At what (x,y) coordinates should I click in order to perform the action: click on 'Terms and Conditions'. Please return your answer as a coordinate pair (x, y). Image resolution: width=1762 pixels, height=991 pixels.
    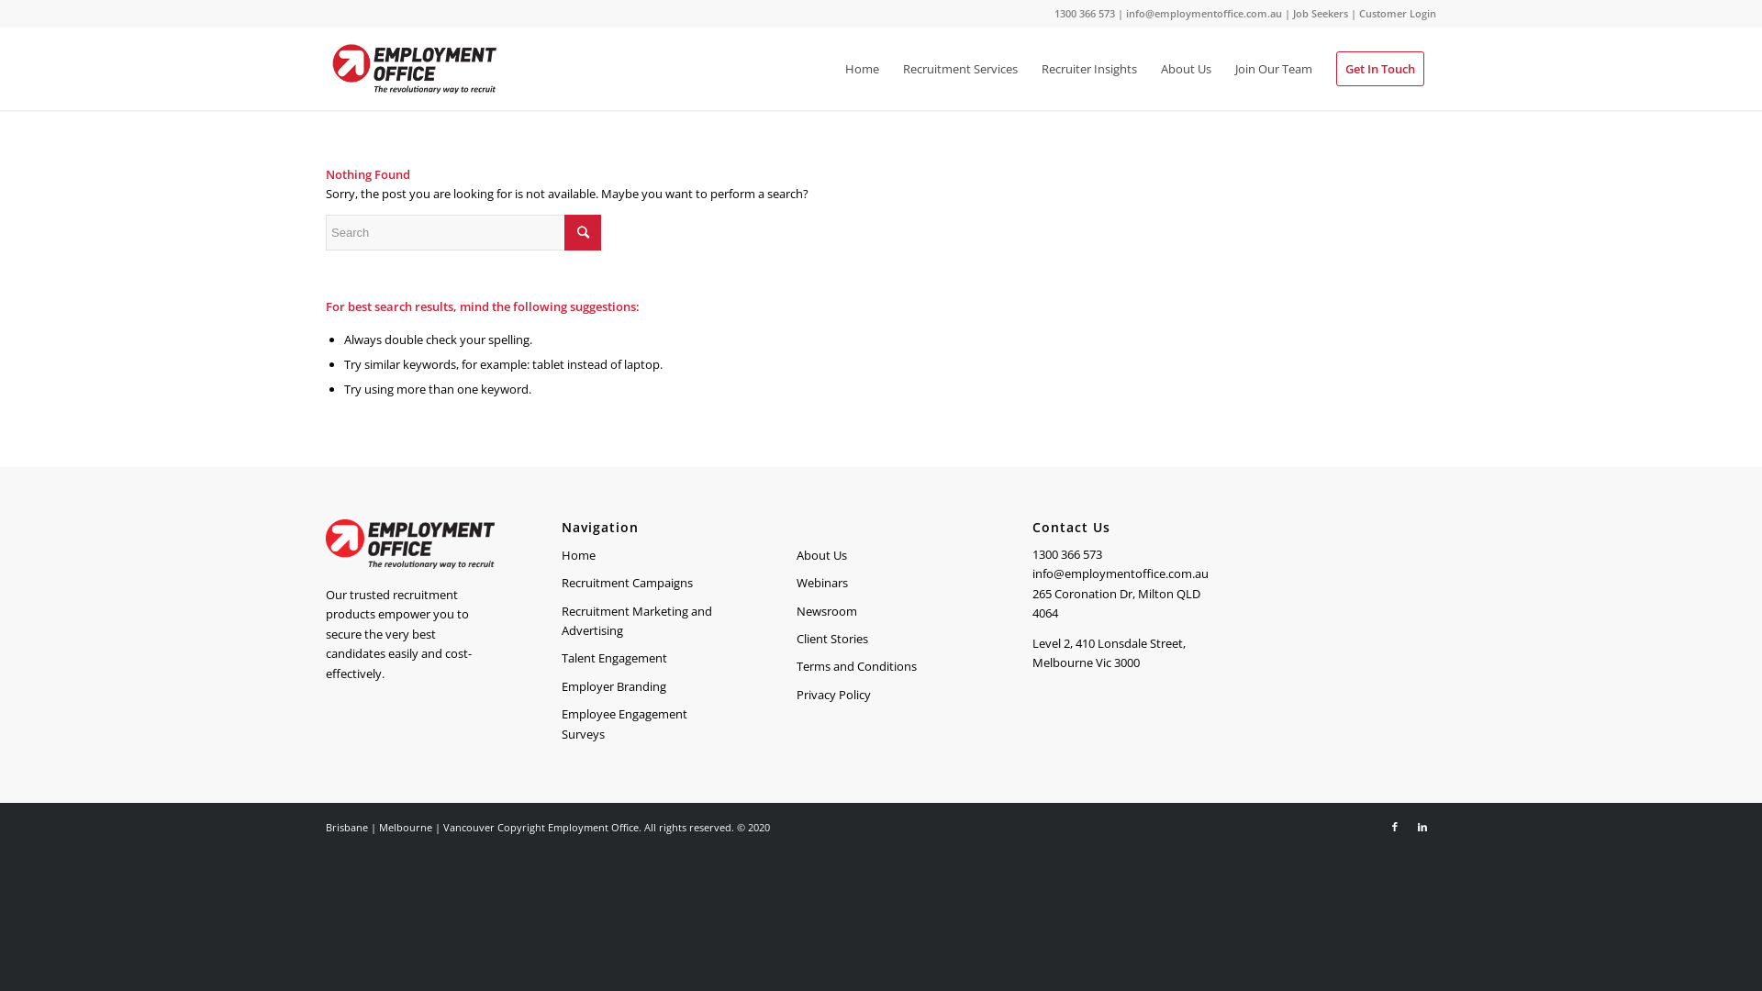
    Looking at the image, I should click on (881, 666).